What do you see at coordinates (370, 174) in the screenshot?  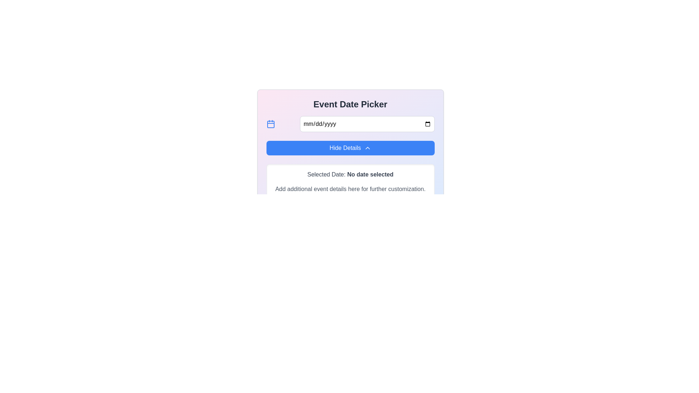 I see `the informational text label that indicates 'No date selected' in the date picker component` at bounding box center [370, 174].